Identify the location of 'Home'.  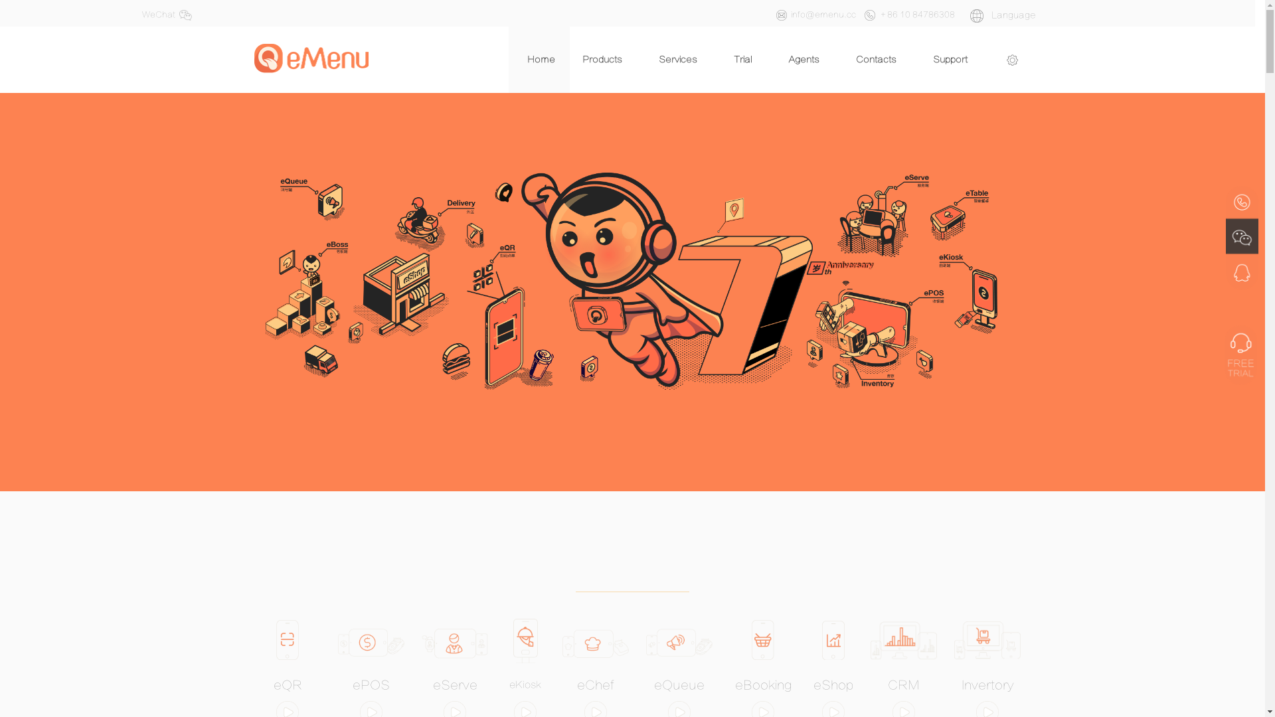
(503, 58).